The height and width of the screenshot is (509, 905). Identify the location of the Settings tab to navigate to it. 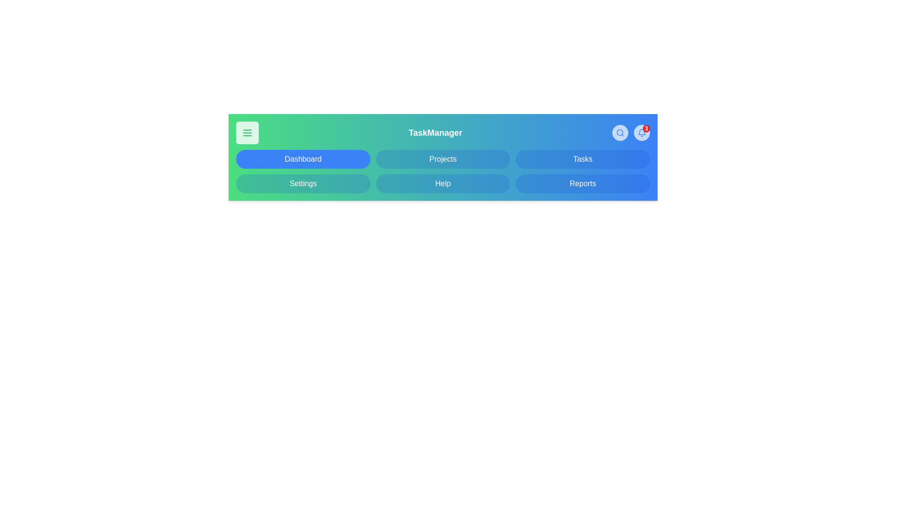
(303, 183).